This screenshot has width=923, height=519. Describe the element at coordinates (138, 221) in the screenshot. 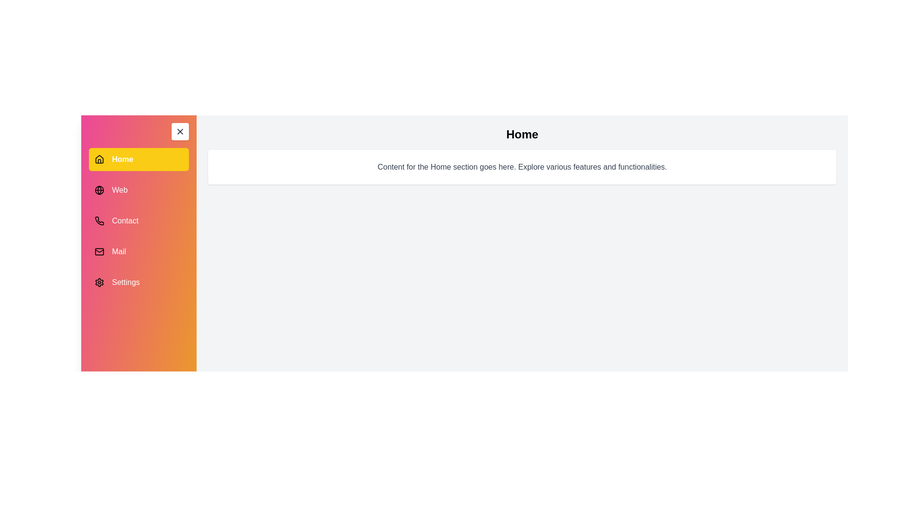

I see `the menu item Contact to view its associated content` at that location.